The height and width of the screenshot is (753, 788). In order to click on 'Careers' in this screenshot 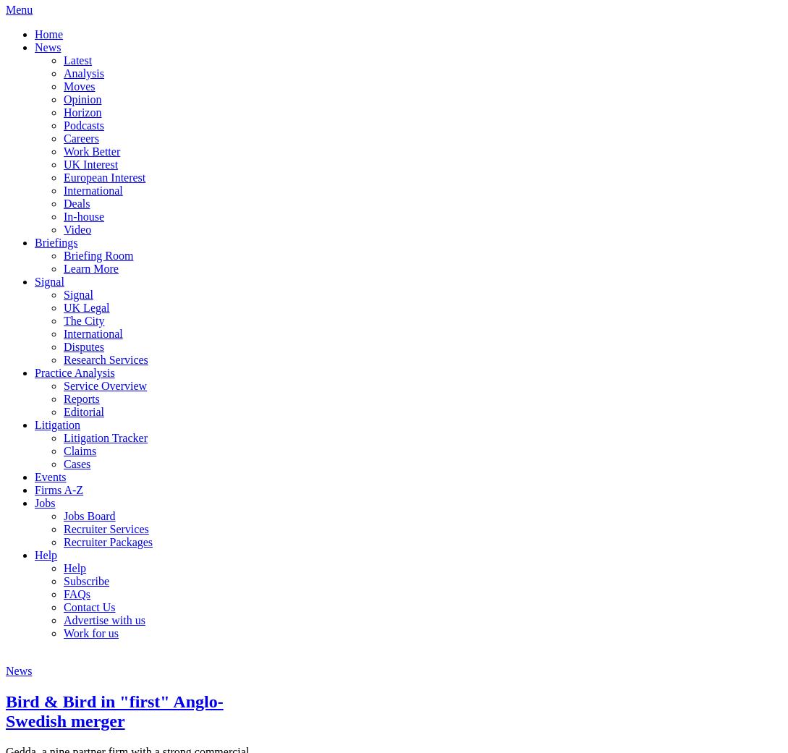, I will do `click(80, 137)`.